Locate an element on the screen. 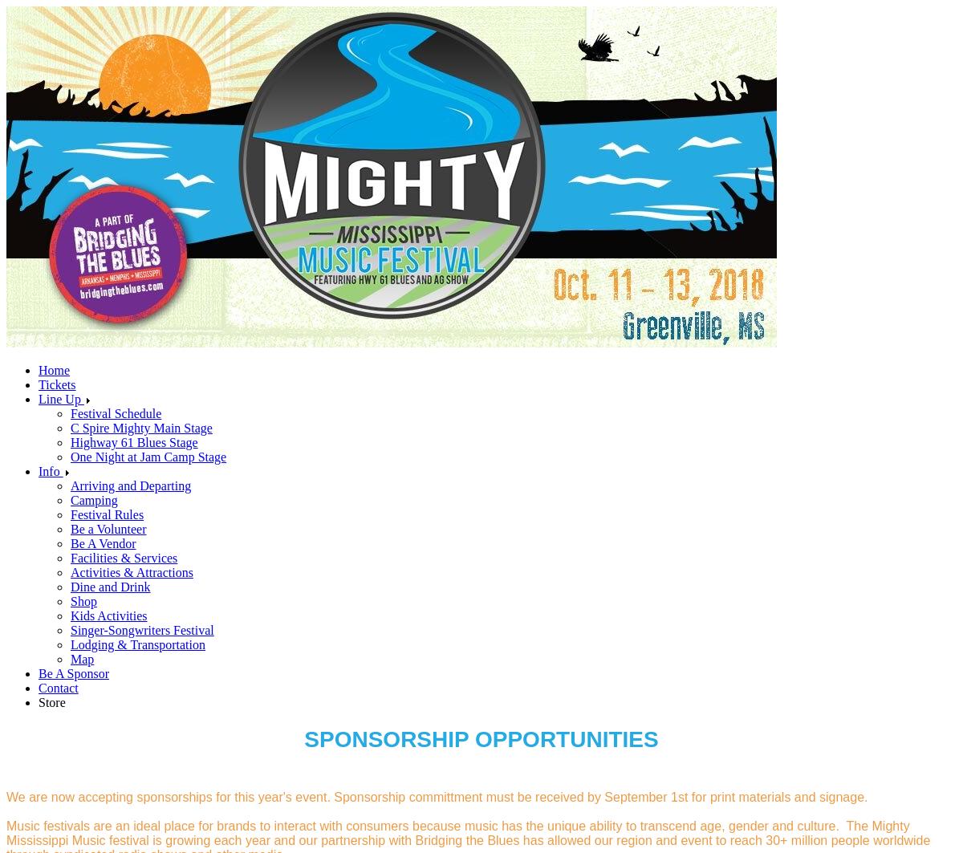 The image size is (963, 853). 'Camping' is located at coordinates (70, 499).